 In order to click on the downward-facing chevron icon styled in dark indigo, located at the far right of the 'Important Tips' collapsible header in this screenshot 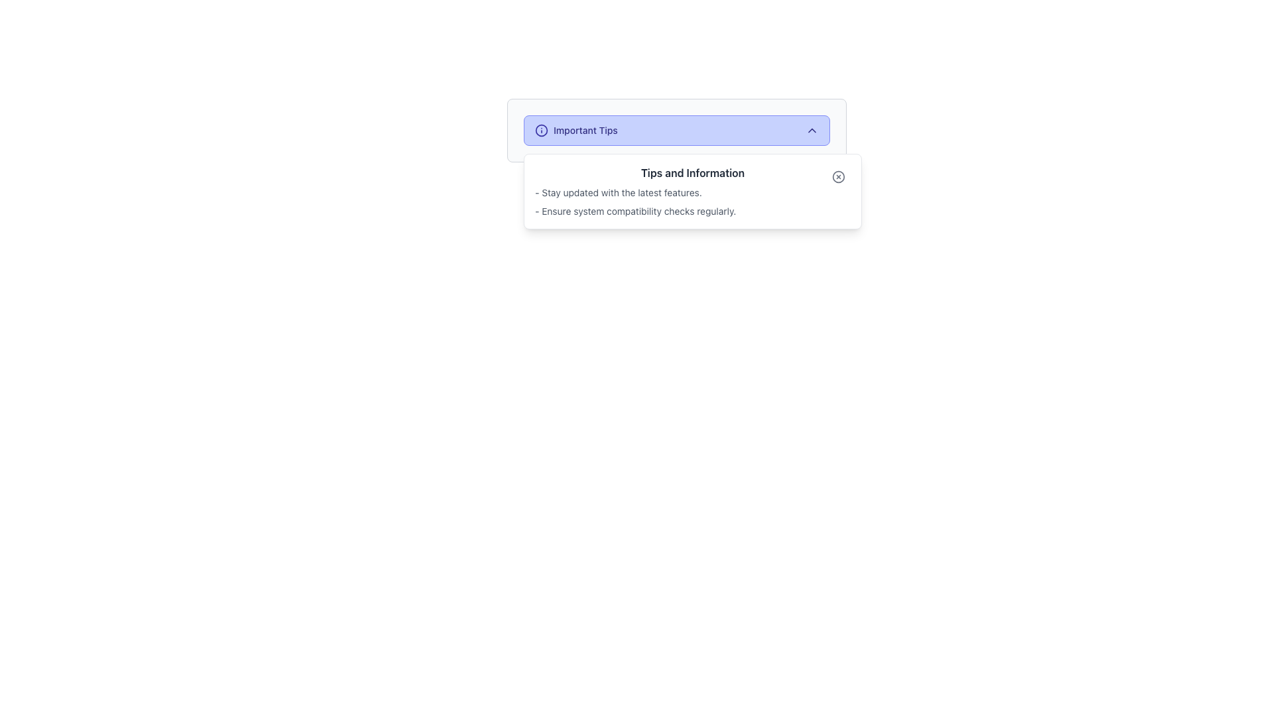, I will do `click(811, 130)`.